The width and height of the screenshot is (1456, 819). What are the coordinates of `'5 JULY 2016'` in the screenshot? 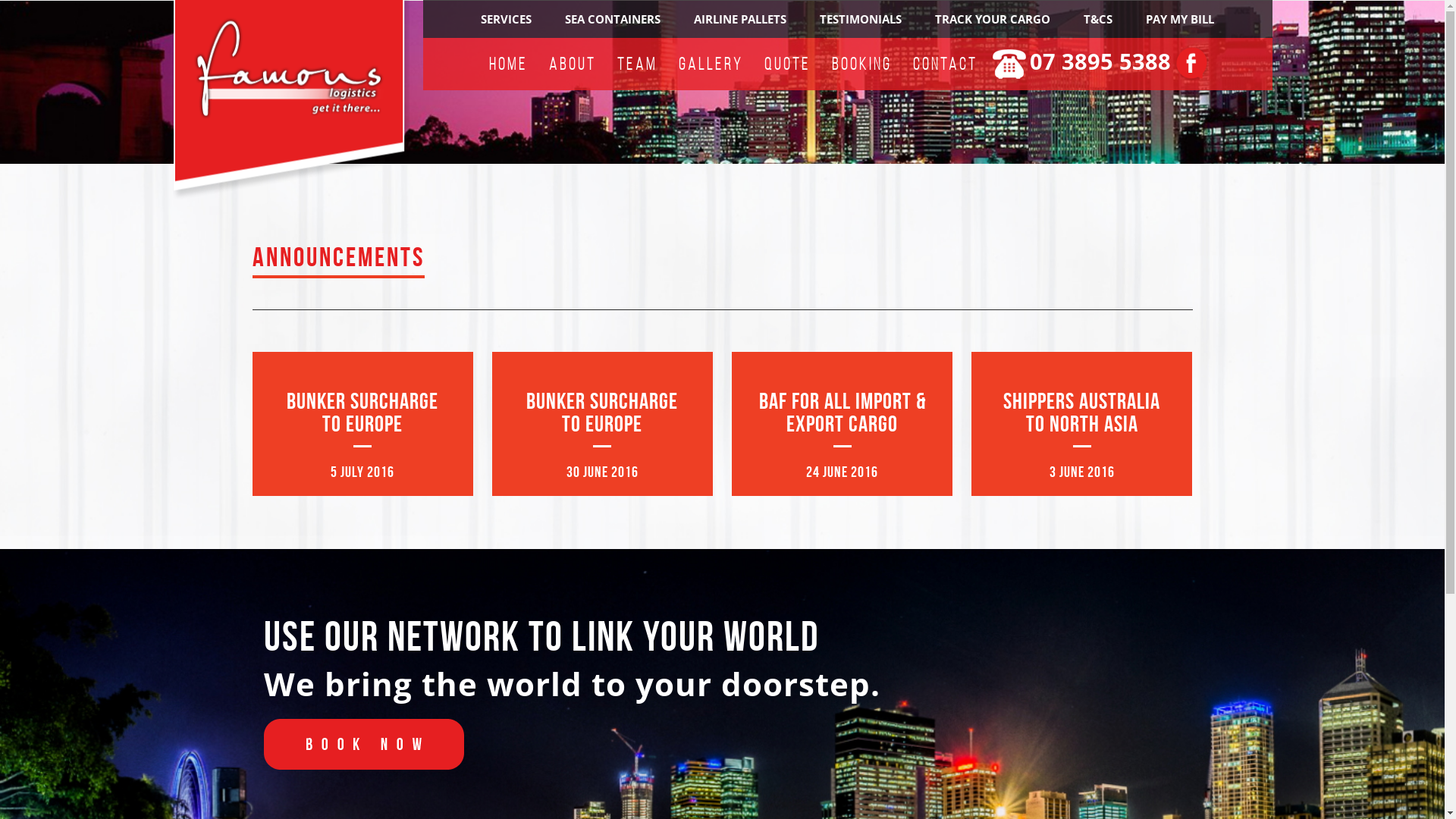 It's located at (330, 468).